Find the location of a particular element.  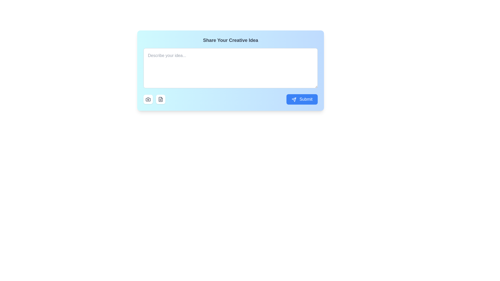

the document icon within the rounded white button located below the input field for describing an idea is located at coordinates (160, 99).